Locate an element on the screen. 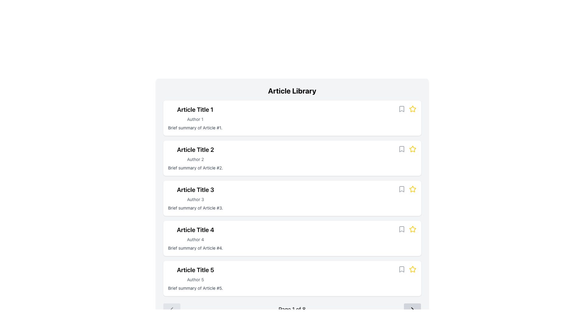 The height and width of the screenshot is (328, 584). the bookmark icon located at the bottom-right edge of the card for 'Article Title 5' is located at coordinates (401, 269).